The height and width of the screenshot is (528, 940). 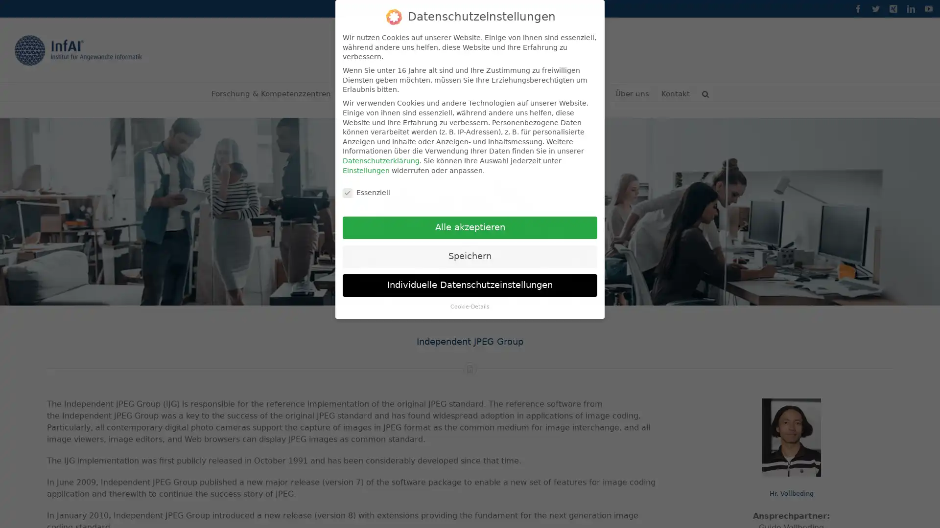 What do you see at coordinates (470, 306) in the screenshot?
I see `Cookie-Details` at bounding box center [470, 306].